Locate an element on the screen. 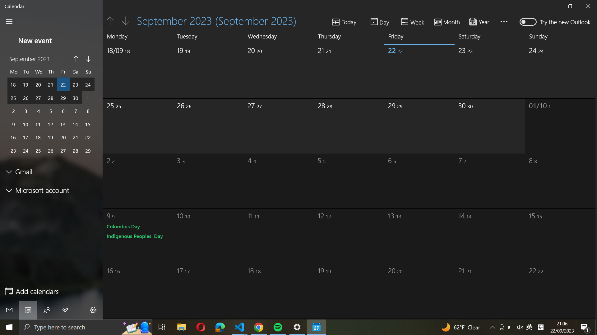  add new events on Columbus Day is located at coordinates (123, 226).